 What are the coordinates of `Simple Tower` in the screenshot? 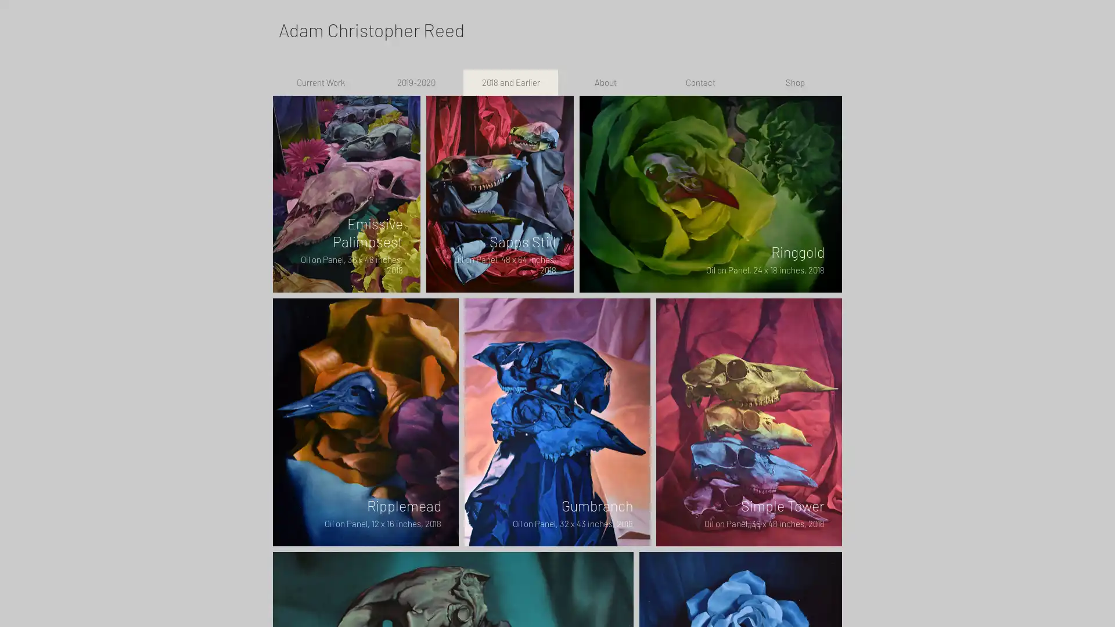 It's located at (749, 421).